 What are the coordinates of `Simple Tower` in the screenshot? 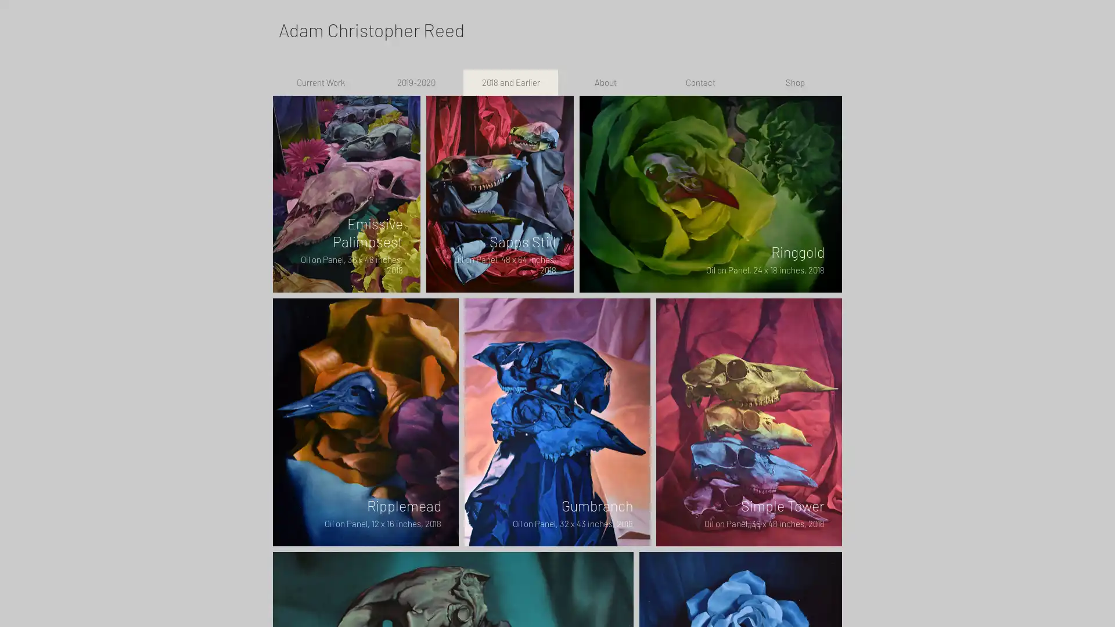 It's located at (749, 421).